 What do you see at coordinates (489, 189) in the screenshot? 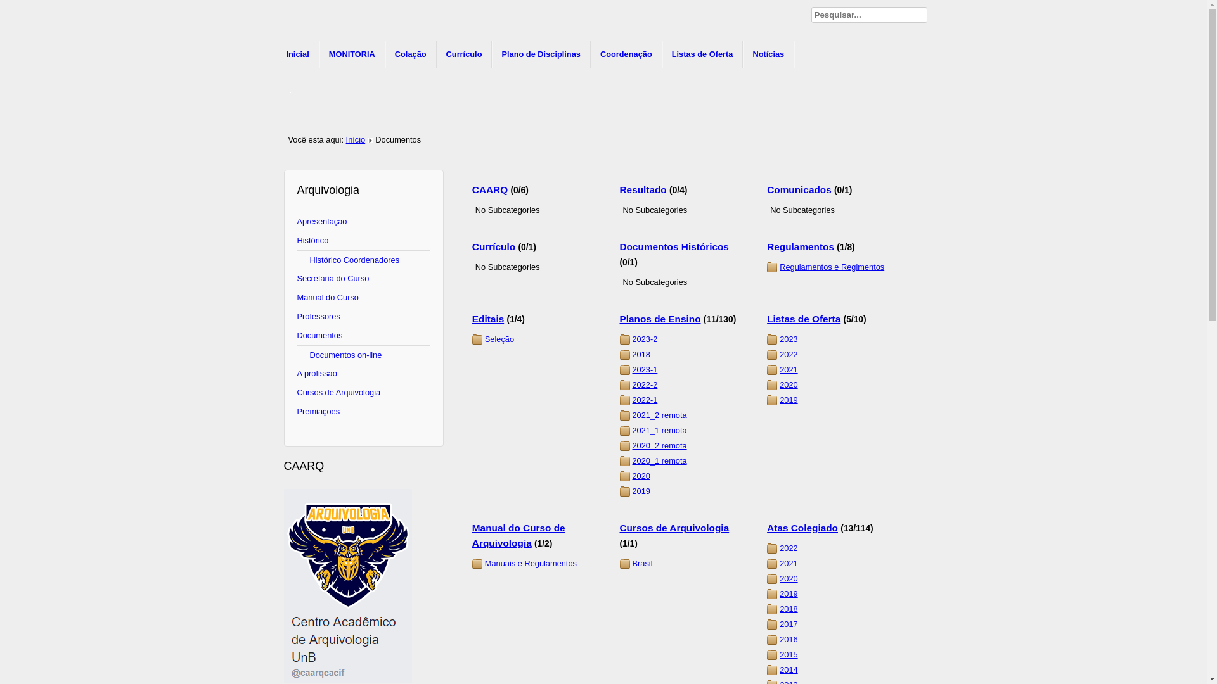
I see `'CAARQ'` at bounding box center [489, 189].